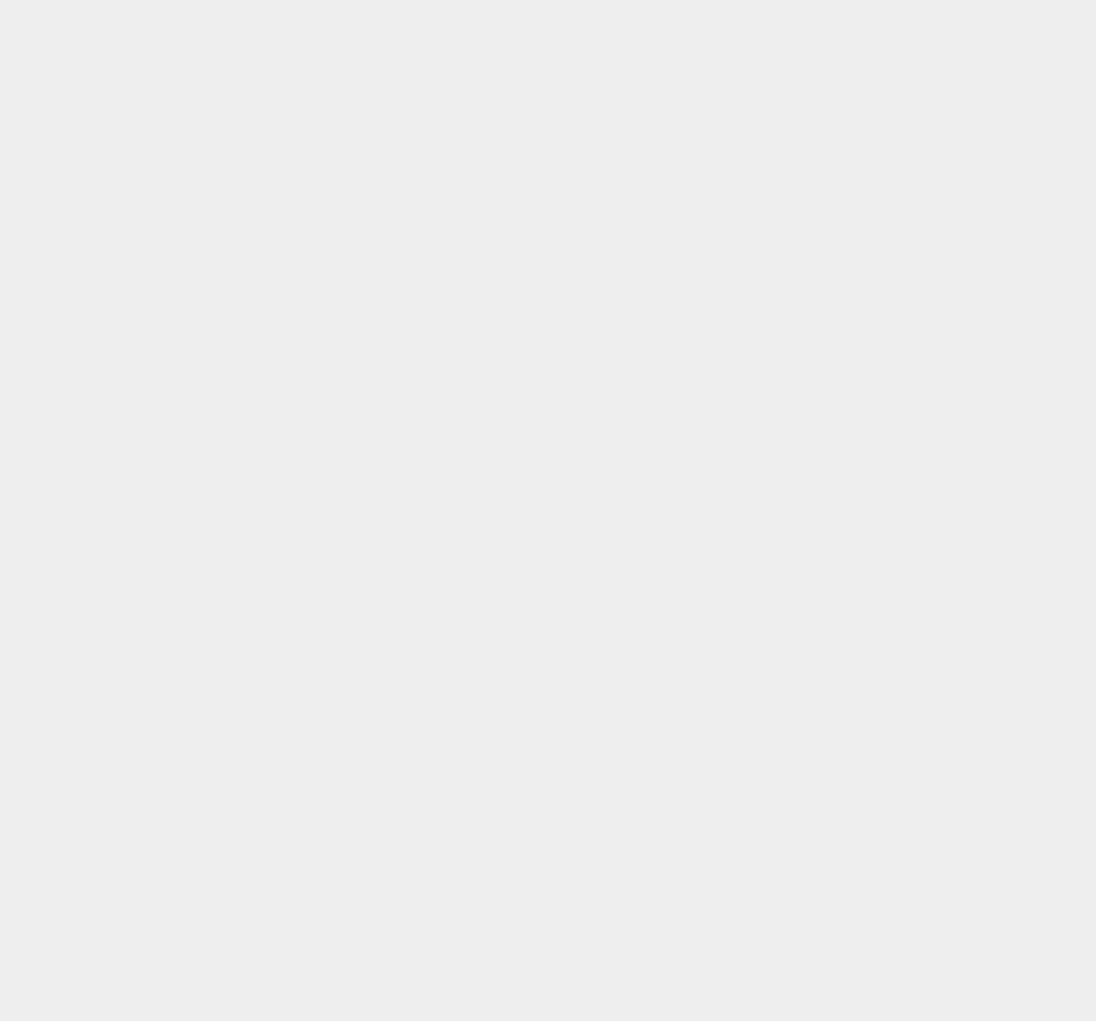 The width and height of the screenshot is (1096, 1021). Describe the element at coordinates (774, 779) in the screenshot. I see `'Google Analytics'` at that location.